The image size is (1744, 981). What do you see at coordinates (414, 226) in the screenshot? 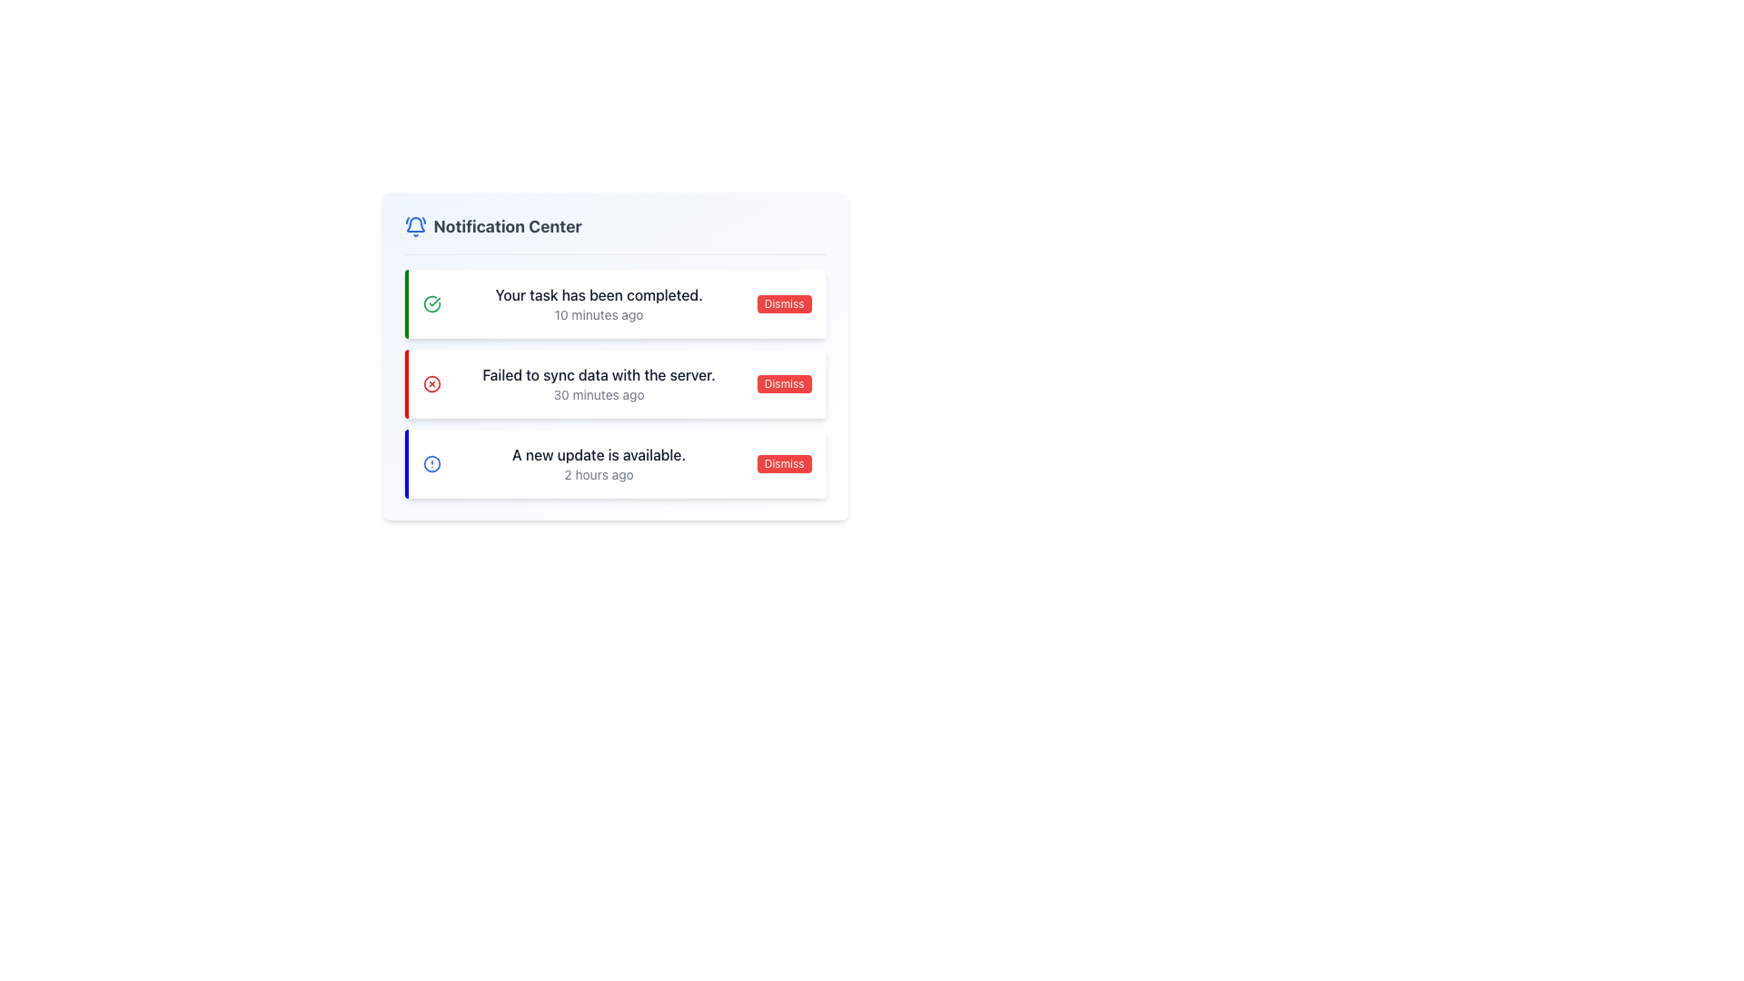
I see `the blue bell-shaped notification icon in the header of the Notification Center` at bounding box center [414, 226].